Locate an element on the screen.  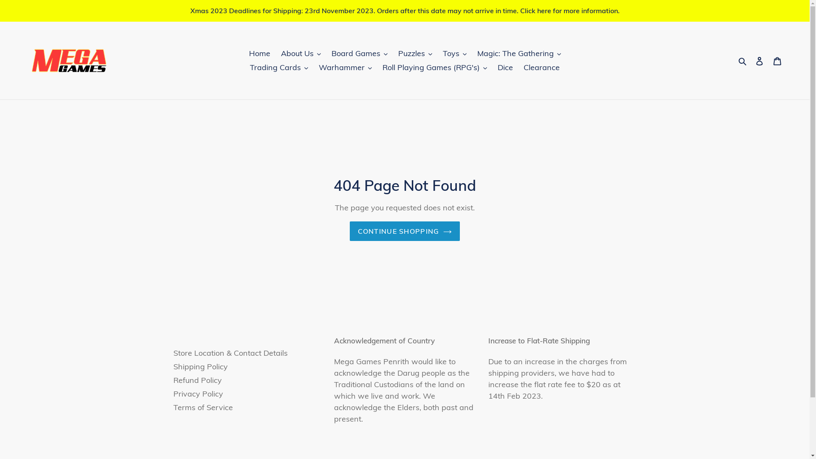
'Home' is located at coordinates (259, 53).